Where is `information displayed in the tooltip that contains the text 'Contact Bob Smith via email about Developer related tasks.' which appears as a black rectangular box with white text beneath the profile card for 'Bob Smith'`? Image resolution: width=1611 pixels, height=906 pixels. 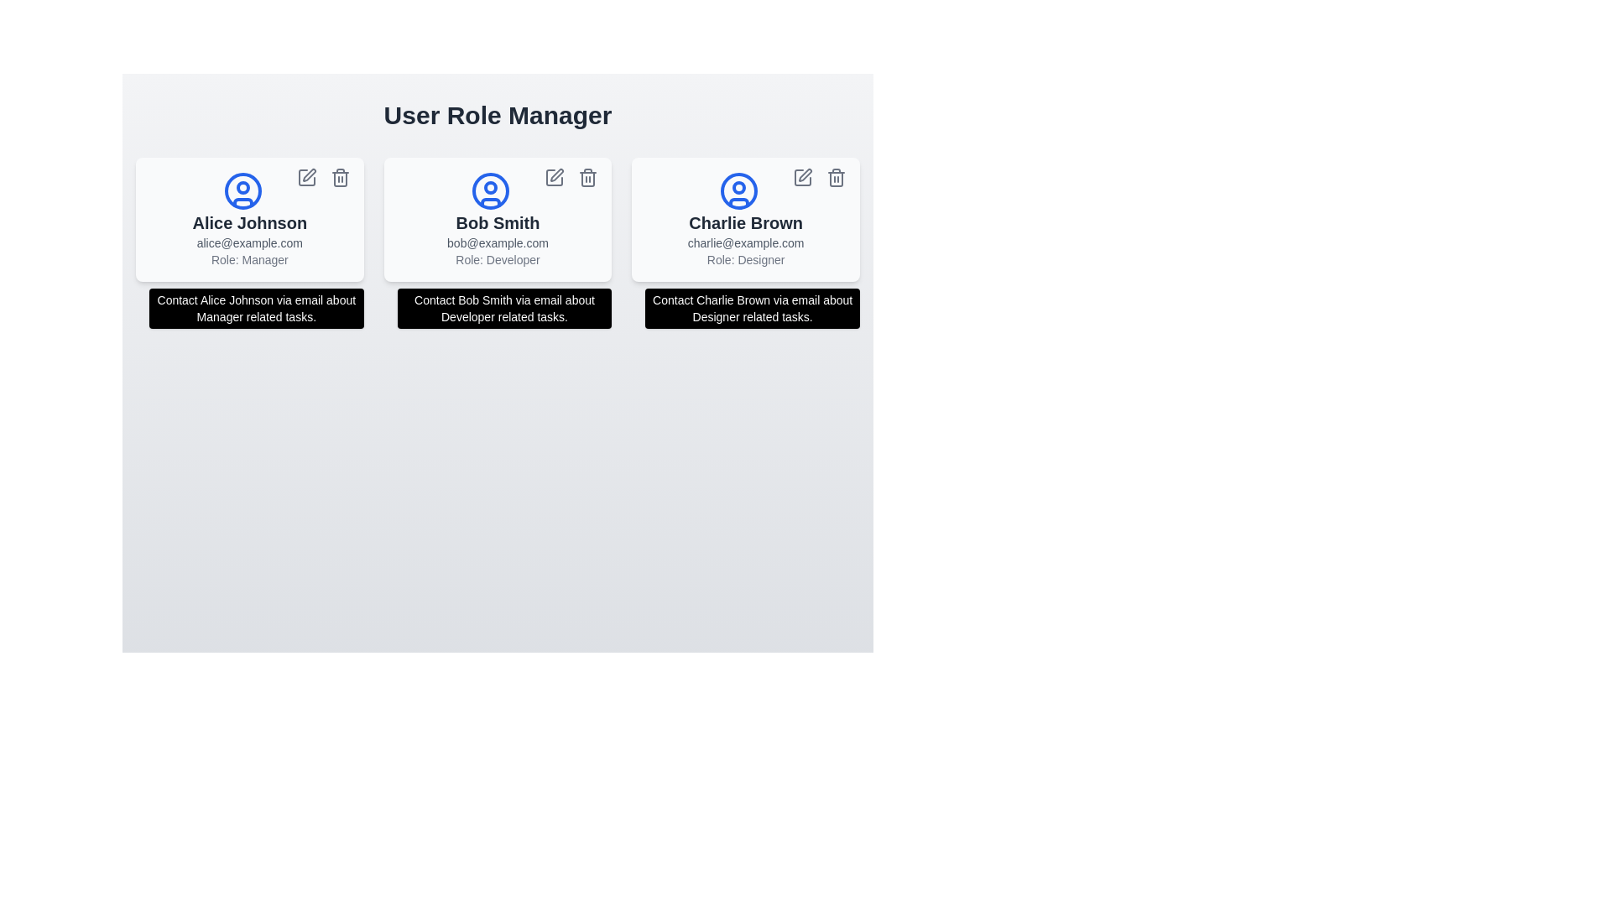
information displayed in the tooltip that contains the text 'Contact Bob Smith via email about Developer related tasks.' which appears as a black rectangular box with white text beneath the profile card for 'Bob Smith' is located at coordinates (503, 308).